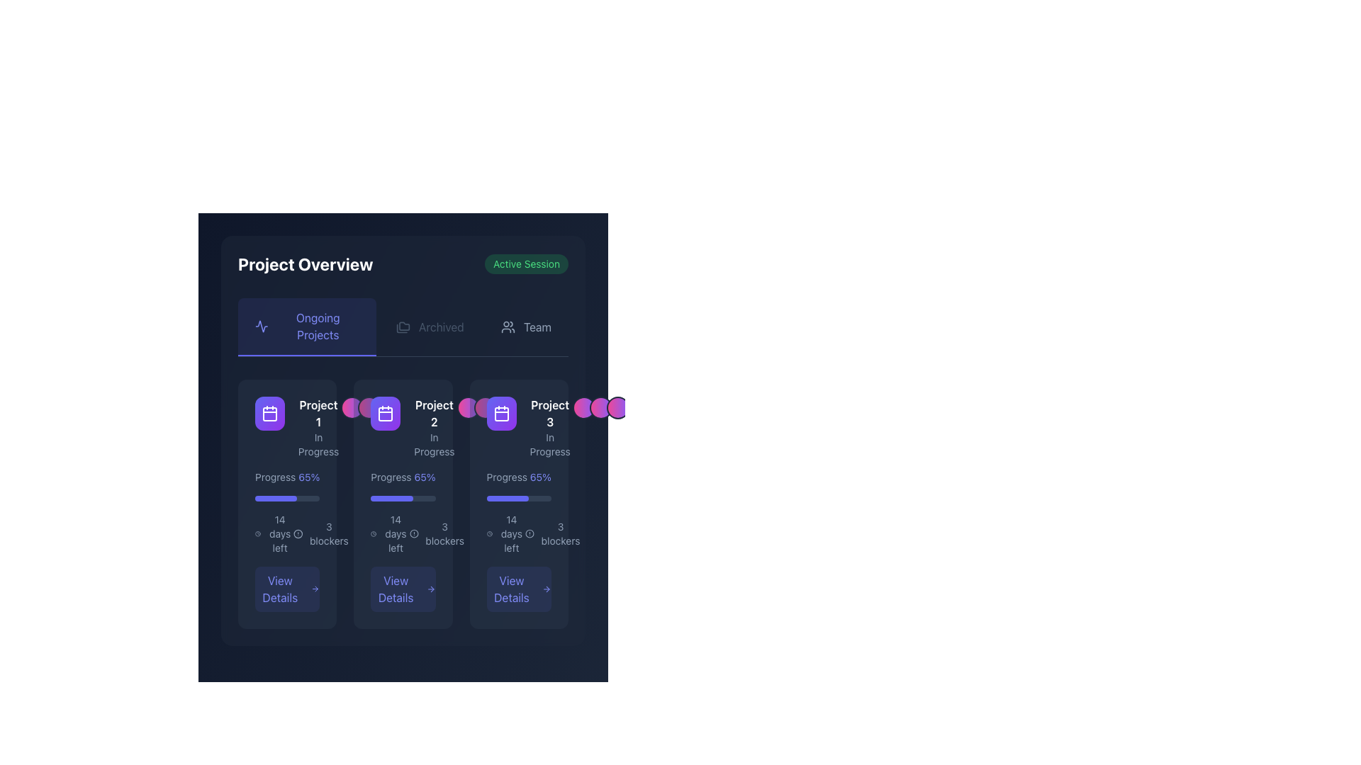 This screenshot has height=765, width=1361. What do you see at coordinates (390, 533) in the screenshot?
I see `the text label displaying '14 days left' in gray font, which is positioned under the progress bar and above the '3 blockers' section within the 'Project 2' card` at bounding box center [390, 533].